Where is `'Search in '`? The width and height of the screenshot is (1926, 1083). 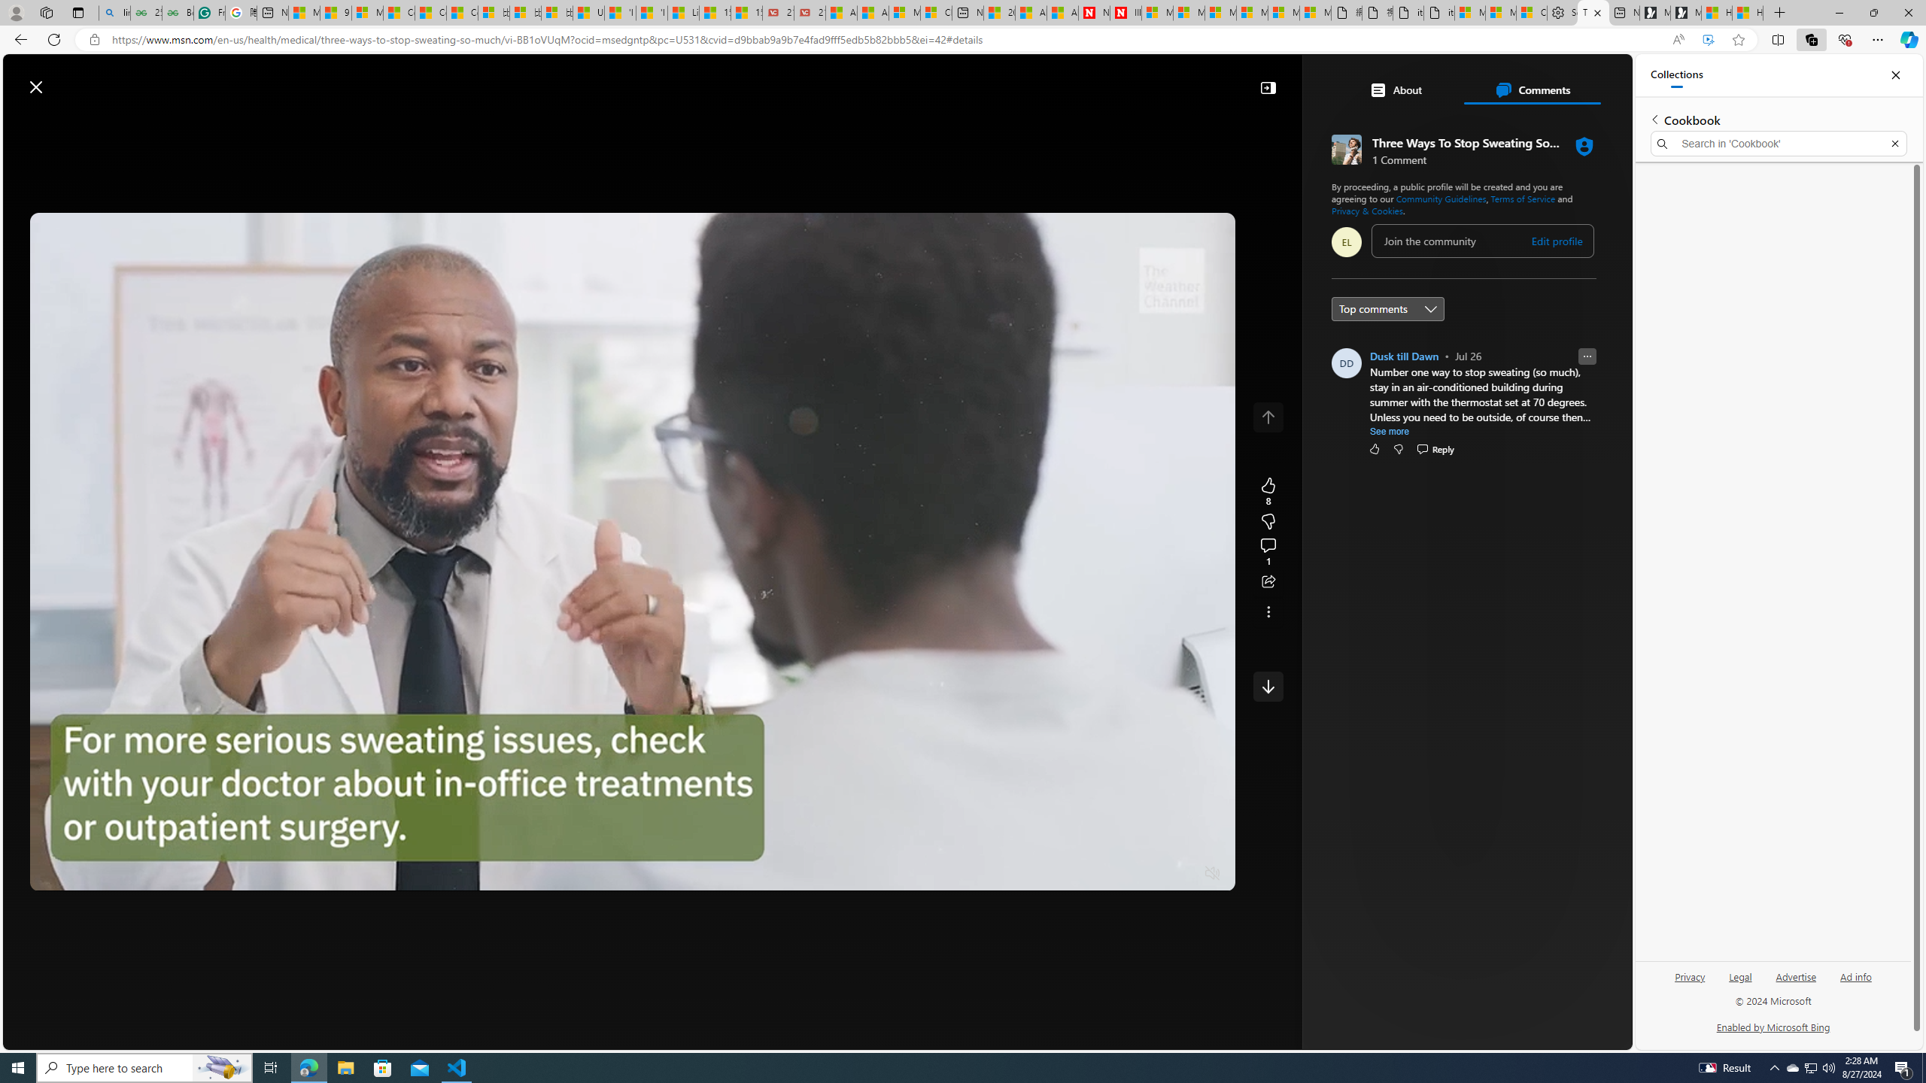 'Search in ' is located at coordinates (1779, 144).